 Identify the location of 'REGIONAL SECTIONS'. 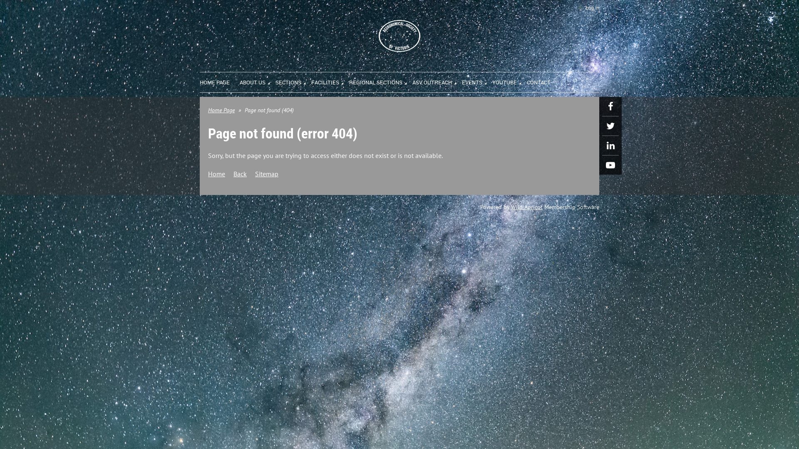
(380, 81).